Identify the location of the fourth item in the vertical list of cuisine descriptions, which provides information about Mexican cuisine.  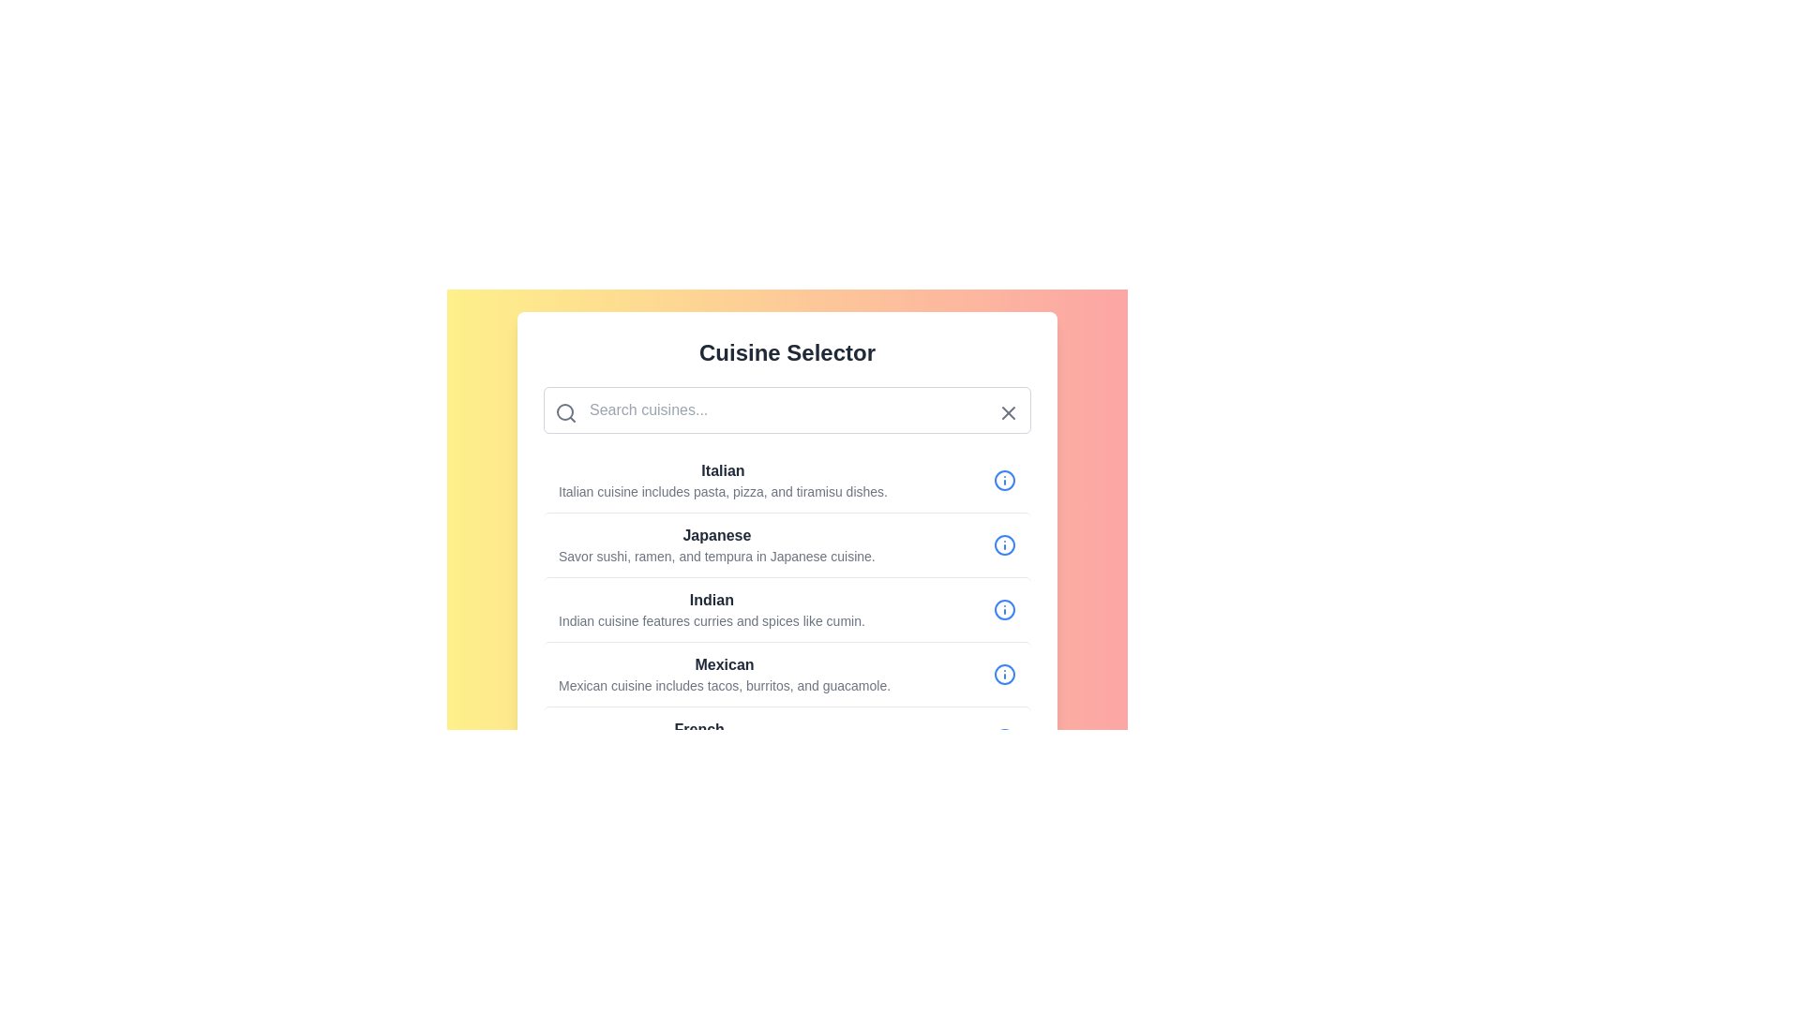
(787, 672).